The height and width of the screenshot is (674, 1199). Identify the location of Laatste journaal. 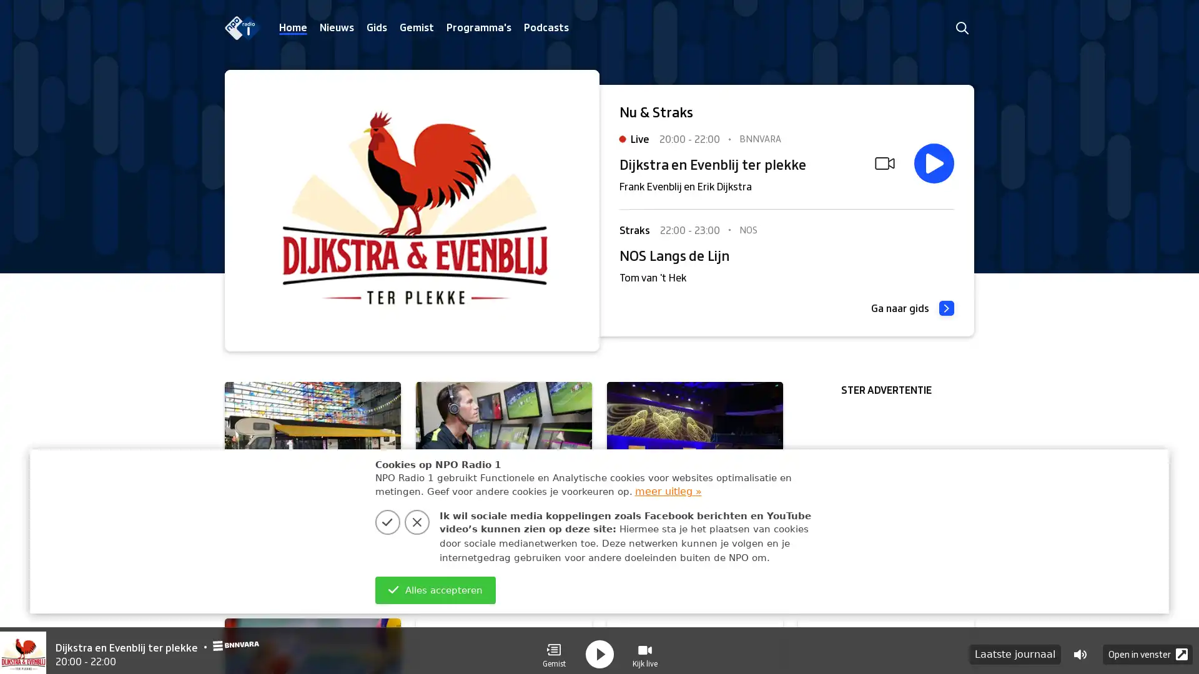
(1015, 647).